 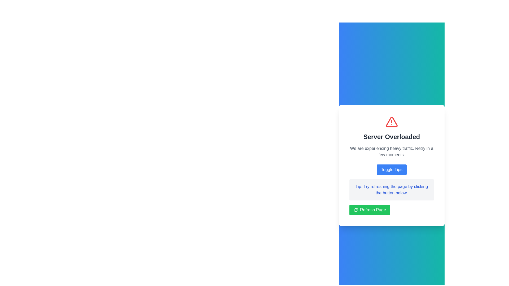 I want to click on the 'Refresh Page' button with rounded corners and a green background, located at the bottom of the 'Server Overloaded' notification card to observe any hover effects, so click(x=369, y=210).